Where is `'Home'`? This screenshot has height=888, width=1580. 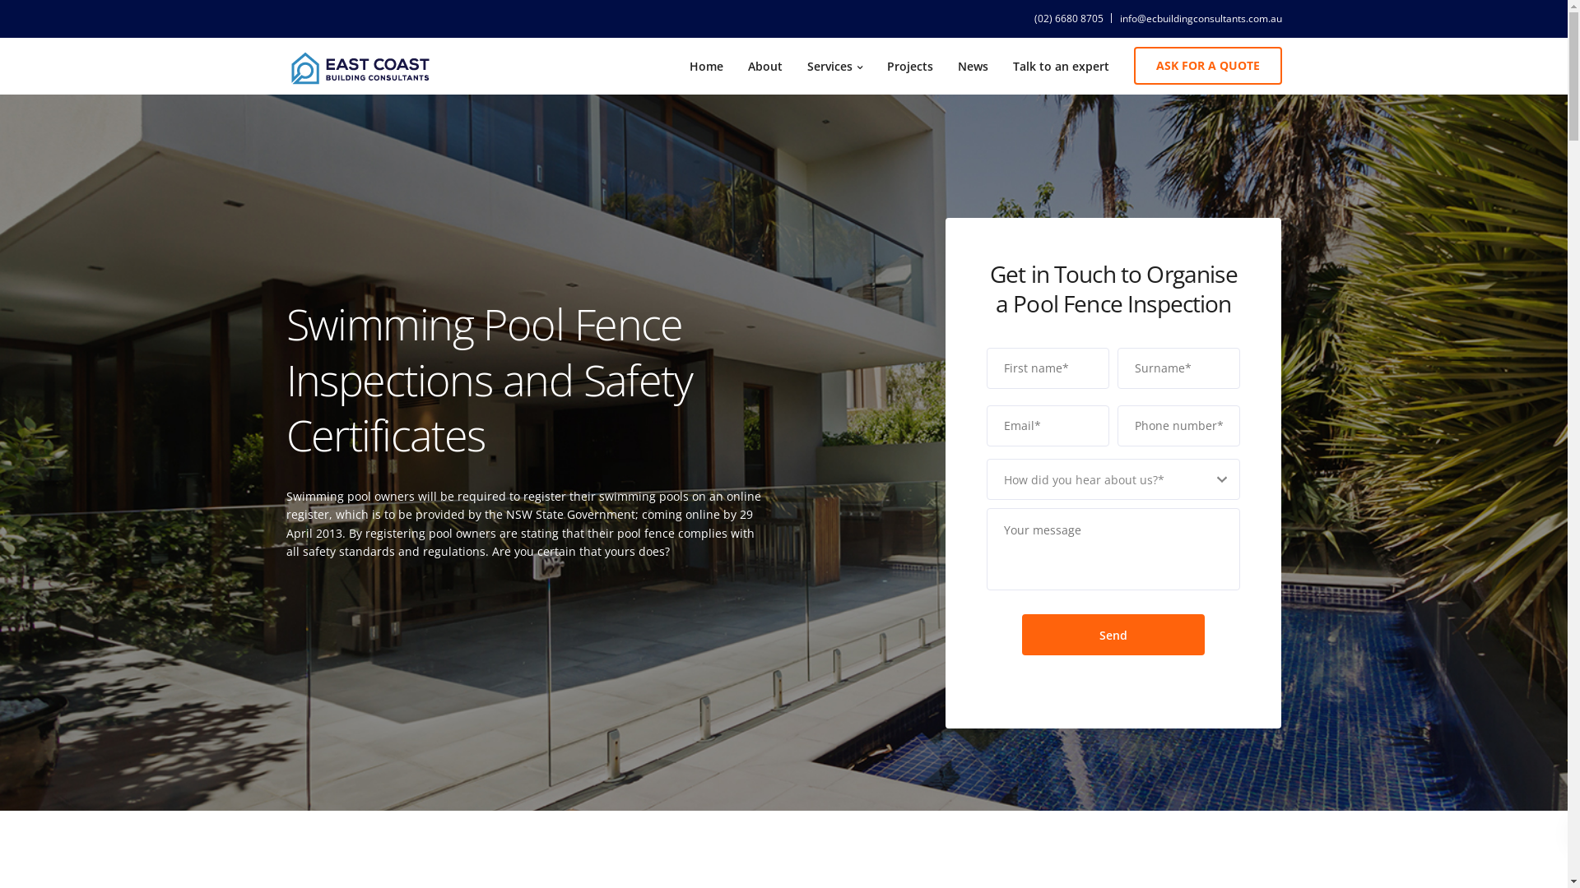
'Home' is located at coordinates (705, 65).